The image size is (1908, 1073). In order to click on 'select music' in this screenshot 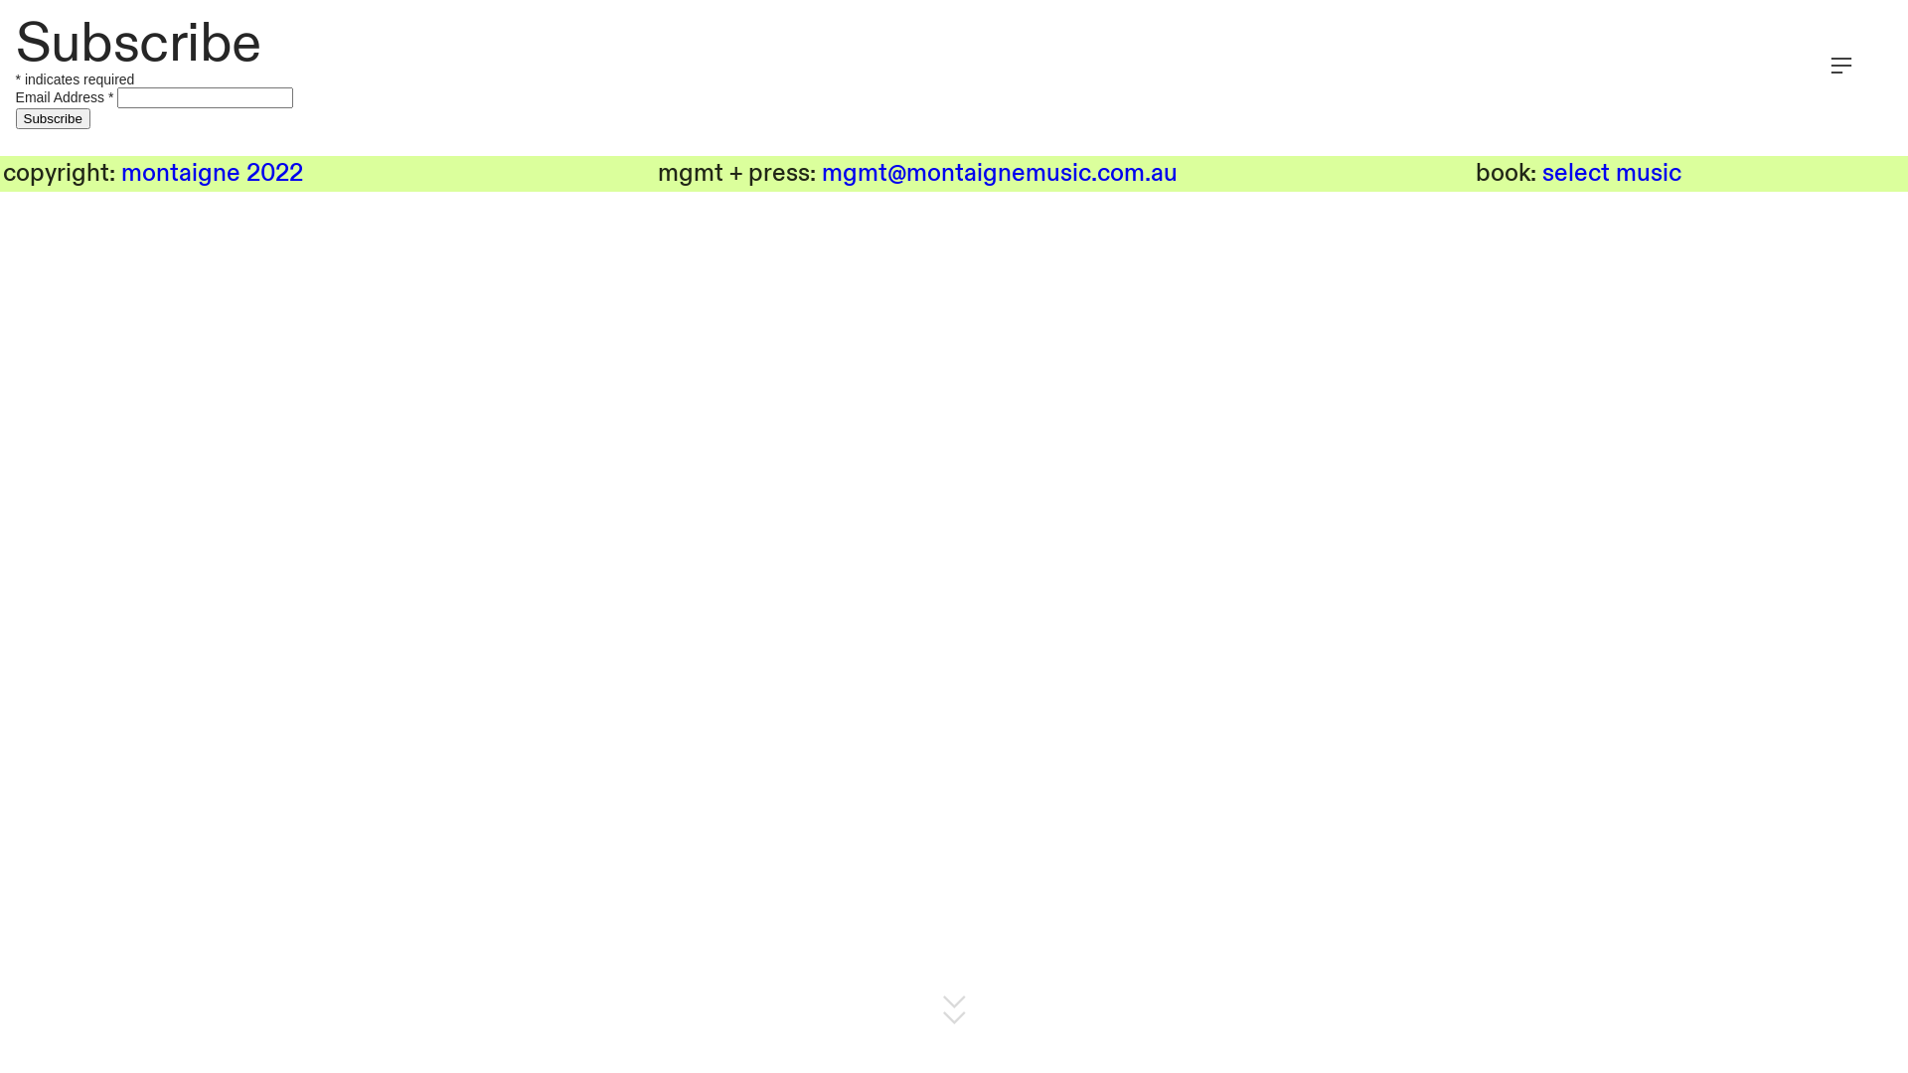, I will do `click(1612, 172)`.